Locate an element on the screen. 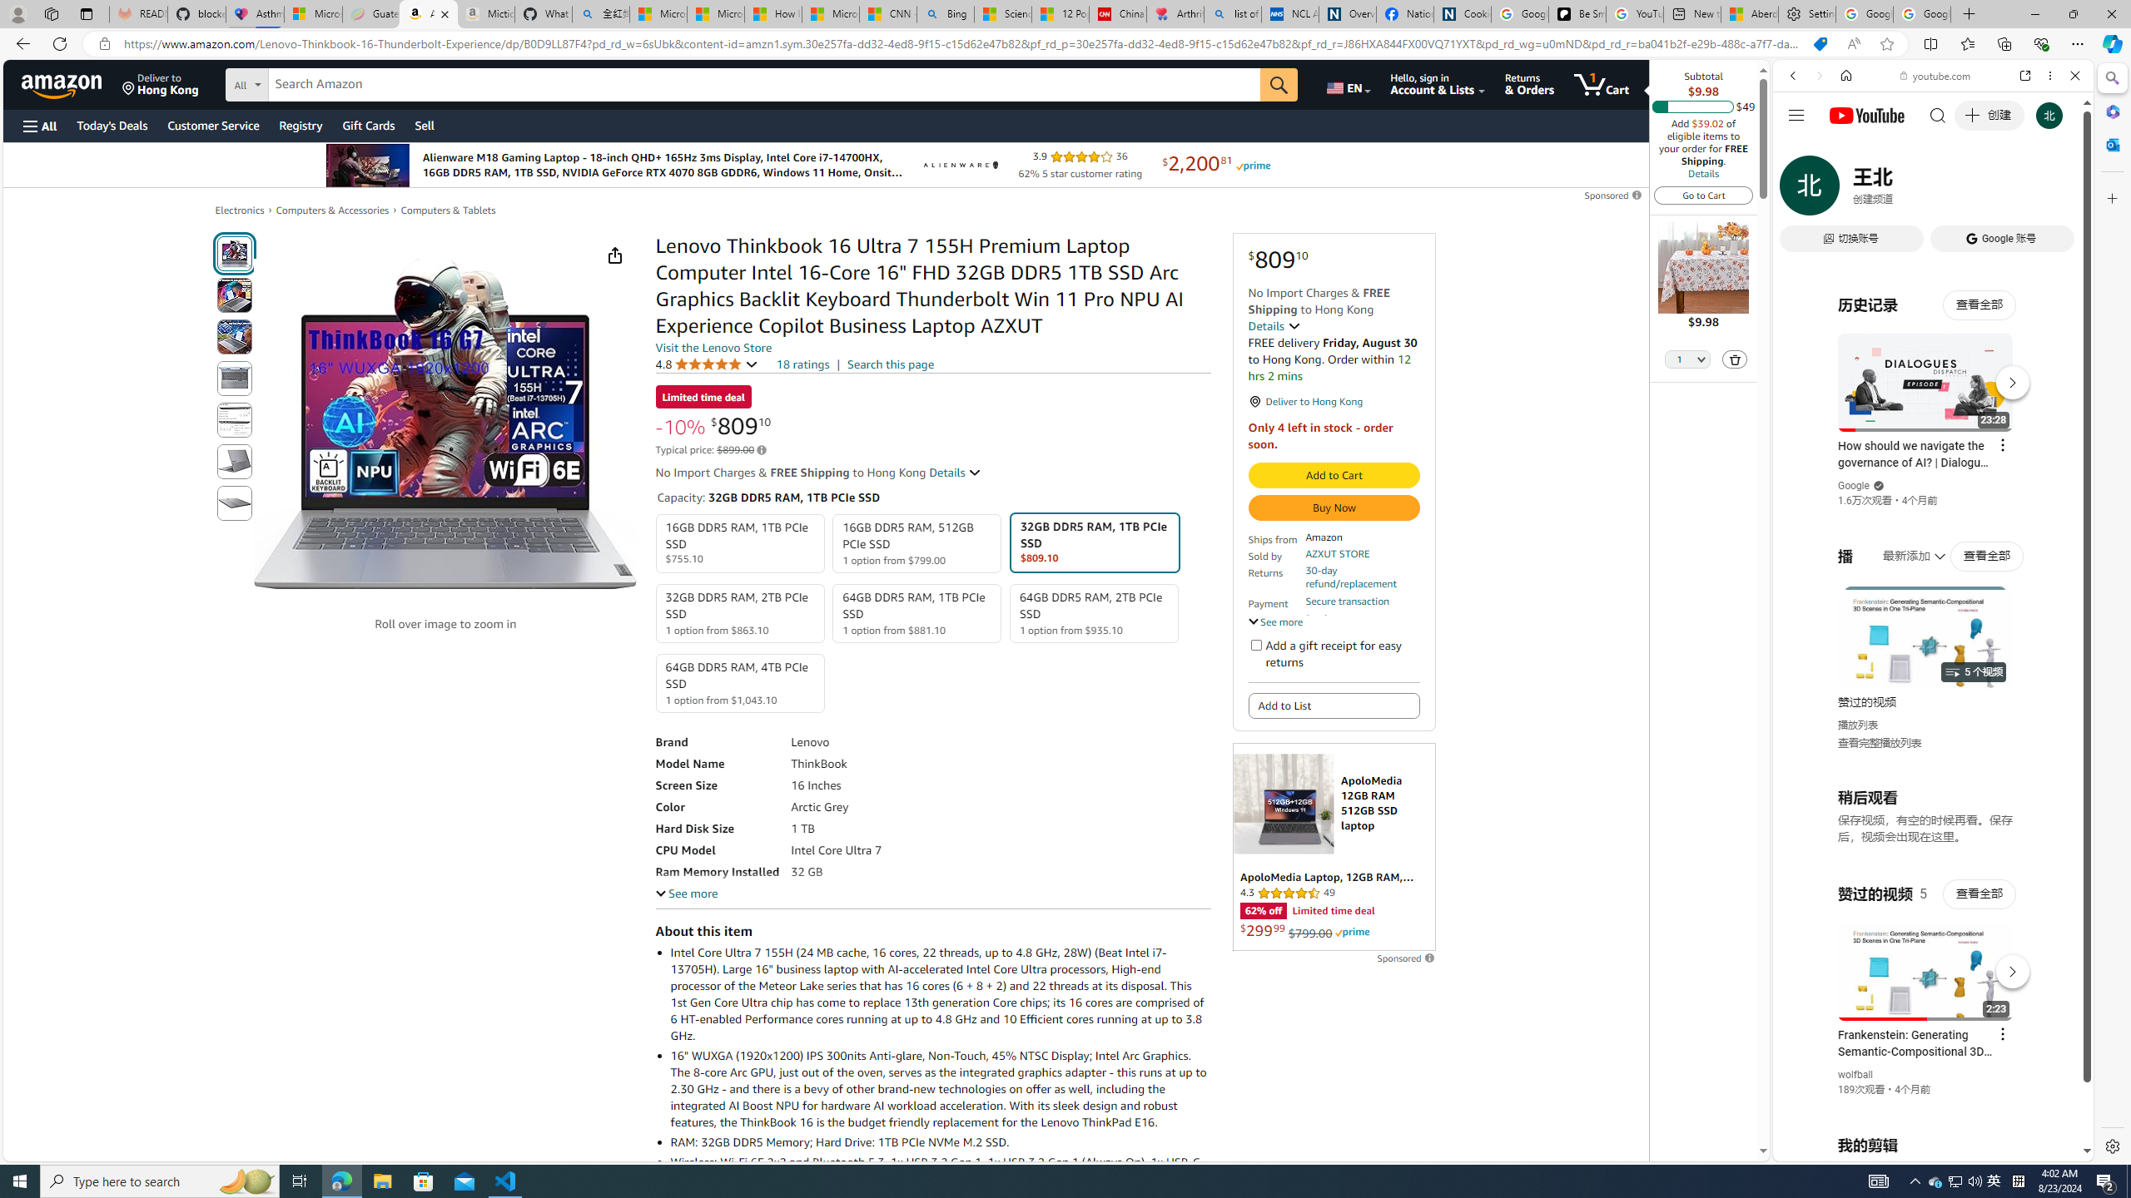 The image size is (2131, 1198). 'Open Menu' is located at coordinates (38, 125).